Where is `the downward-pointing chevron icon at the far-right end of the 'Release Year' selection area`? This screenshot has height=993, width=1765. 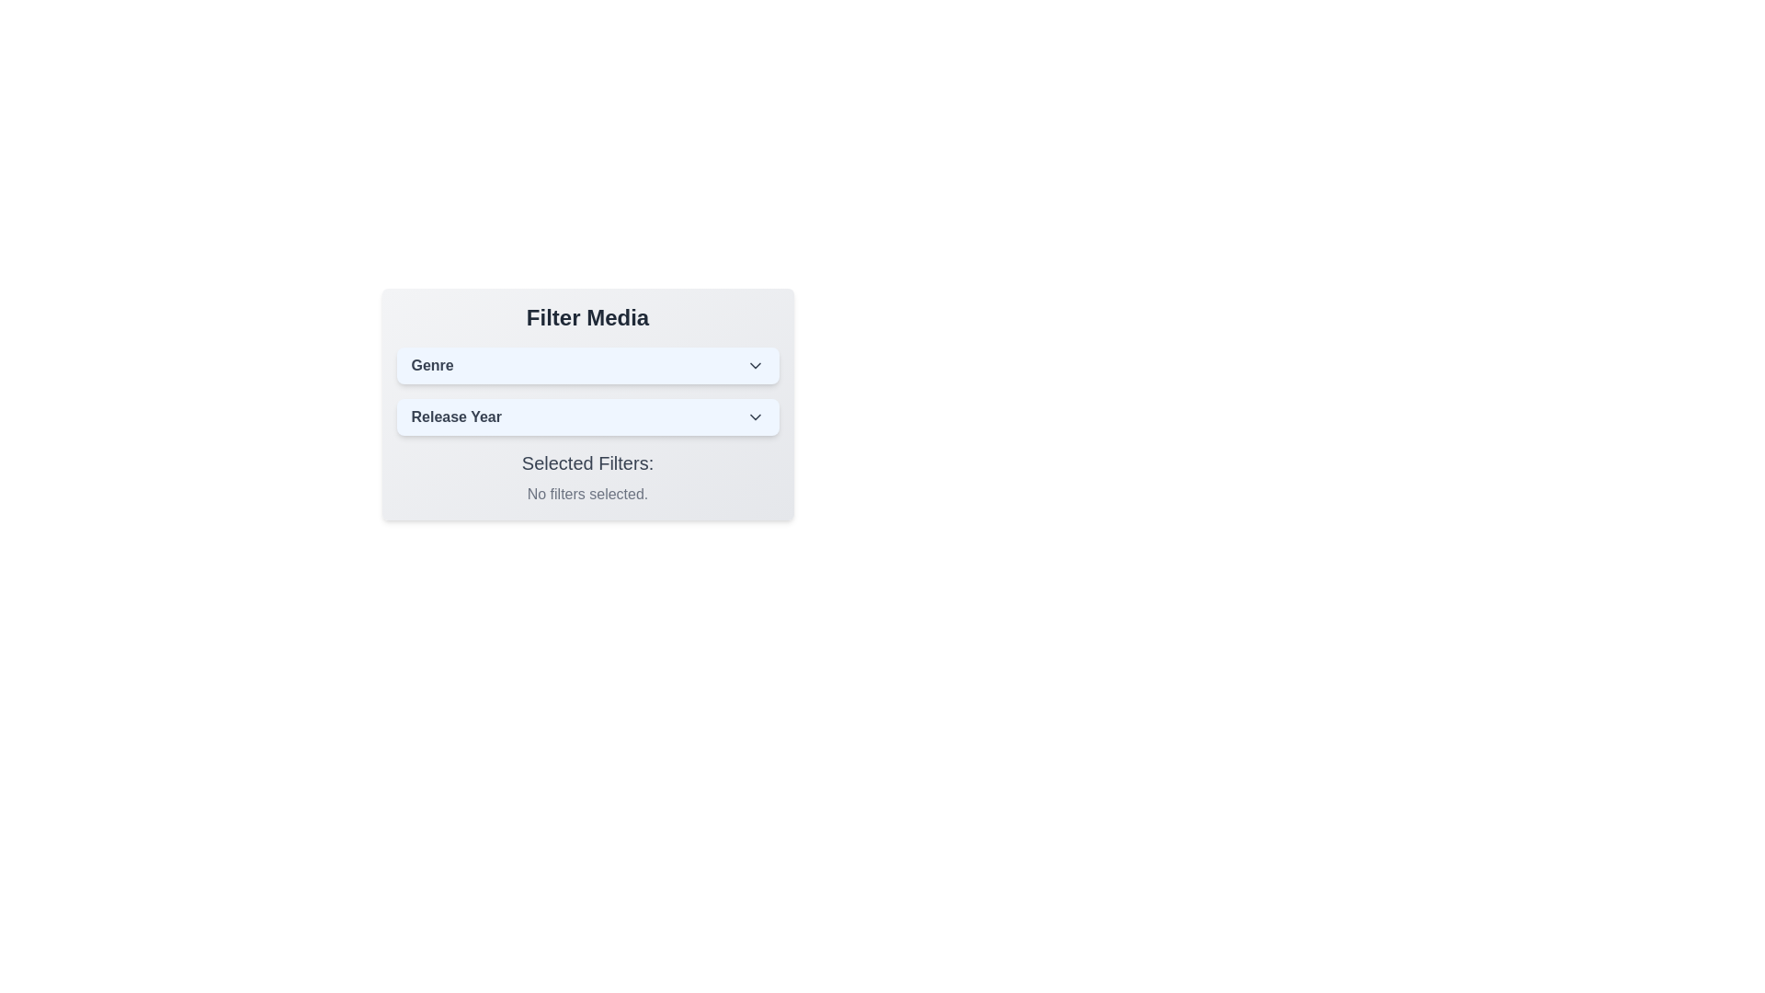
the downward-pointing chevron icon at the far-right end of the 'Release Year' selection area is located at coordinates (755, 417).